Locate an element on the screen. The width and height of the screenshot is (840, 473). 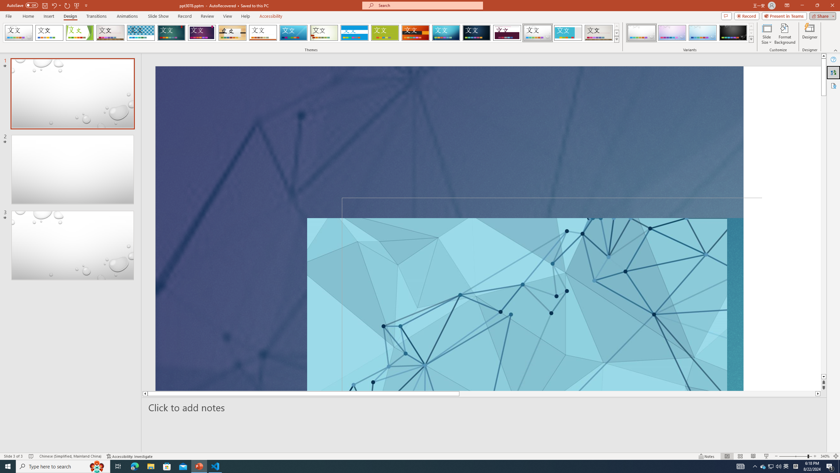
'Droplet Variant 4' is located at coordinates (733, 33).